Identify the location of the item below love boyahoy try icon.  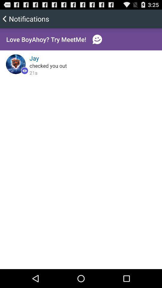
(34, 58).